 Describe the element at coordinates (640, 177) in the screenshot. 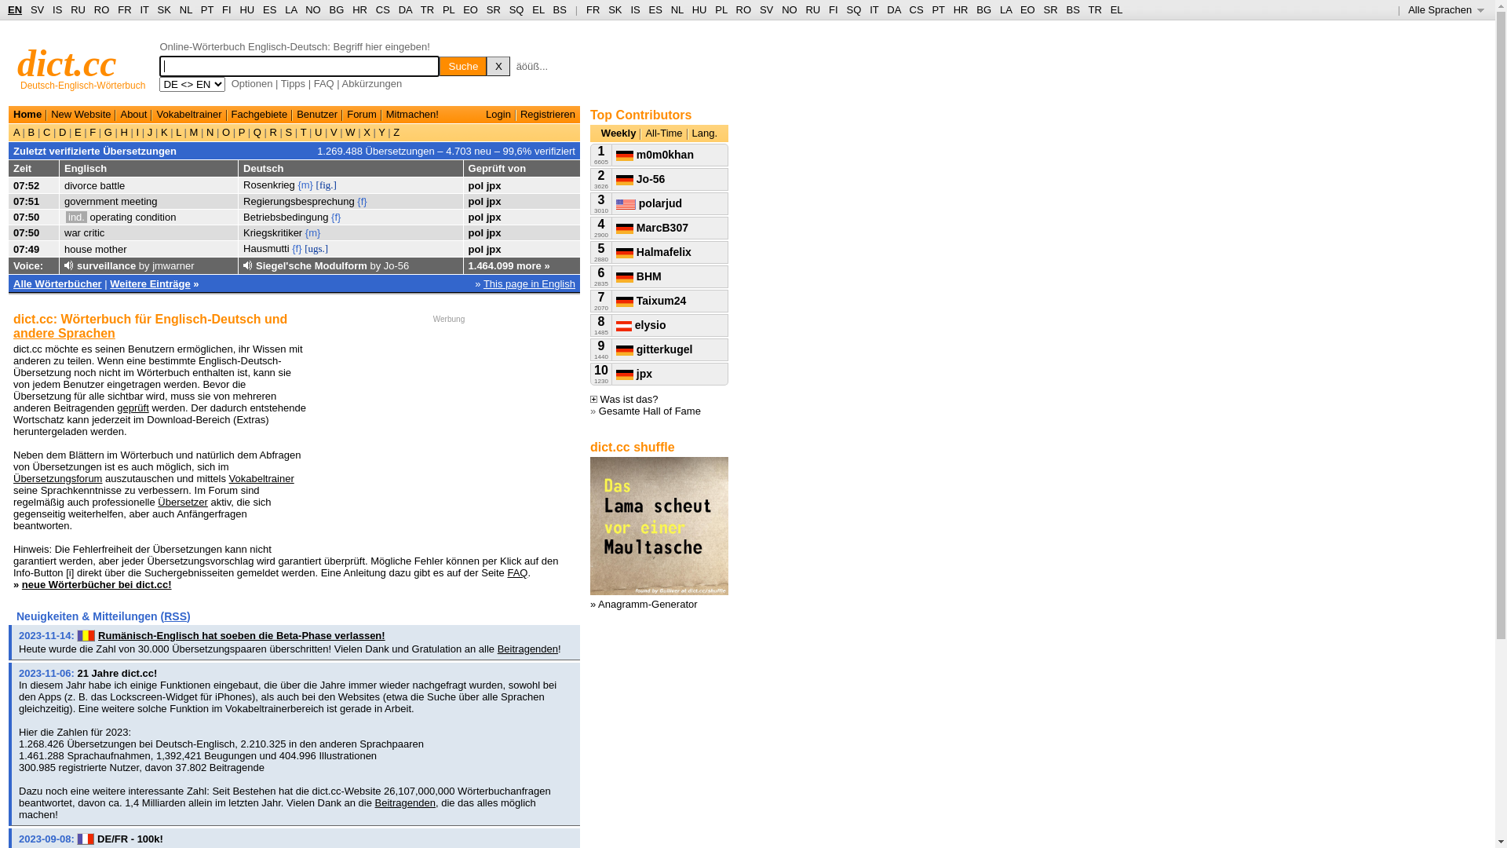

I see `'Jo-56'` at that location.